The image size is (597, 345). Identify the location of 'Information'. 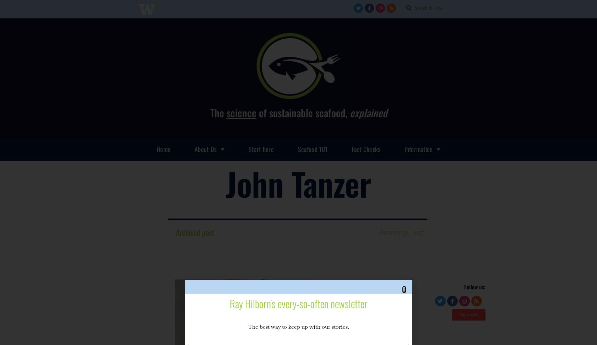
(418, 148).